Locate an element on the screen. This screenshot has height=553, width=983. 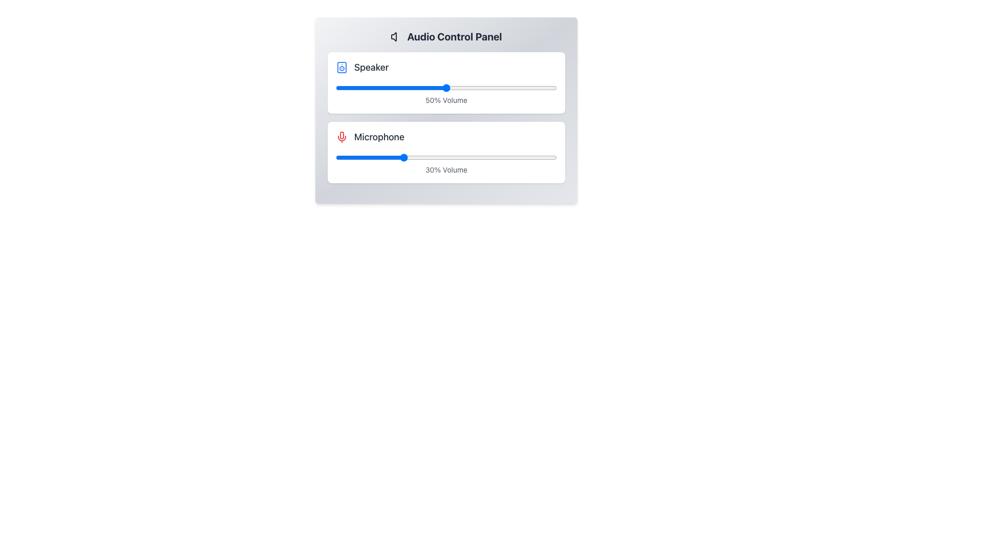
the speaker volume is located at coordinates (362, 88).